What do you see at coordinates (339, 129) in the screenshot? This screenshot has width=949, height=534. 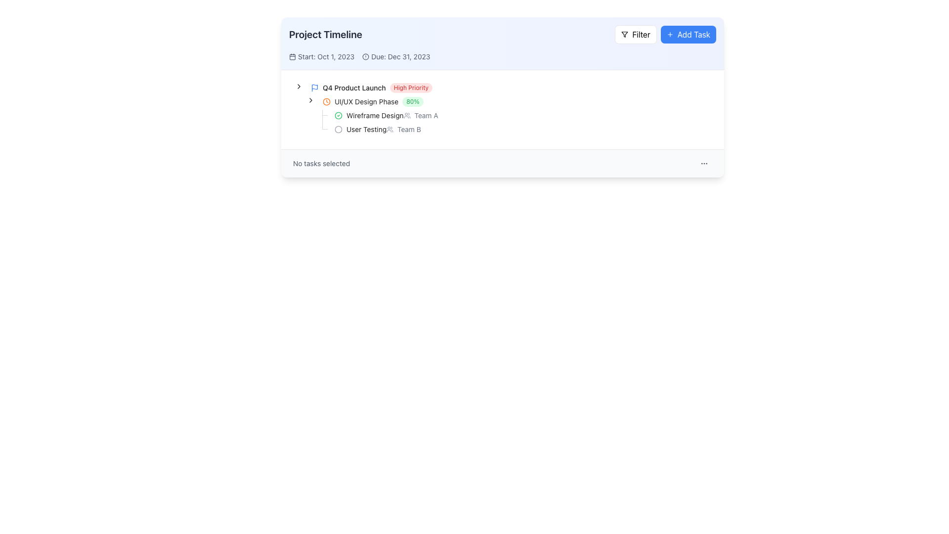 I see `small circular icon with a gray stroke located to the left of the text 'User Testing' in the task list` at bounding box center [339, 129].